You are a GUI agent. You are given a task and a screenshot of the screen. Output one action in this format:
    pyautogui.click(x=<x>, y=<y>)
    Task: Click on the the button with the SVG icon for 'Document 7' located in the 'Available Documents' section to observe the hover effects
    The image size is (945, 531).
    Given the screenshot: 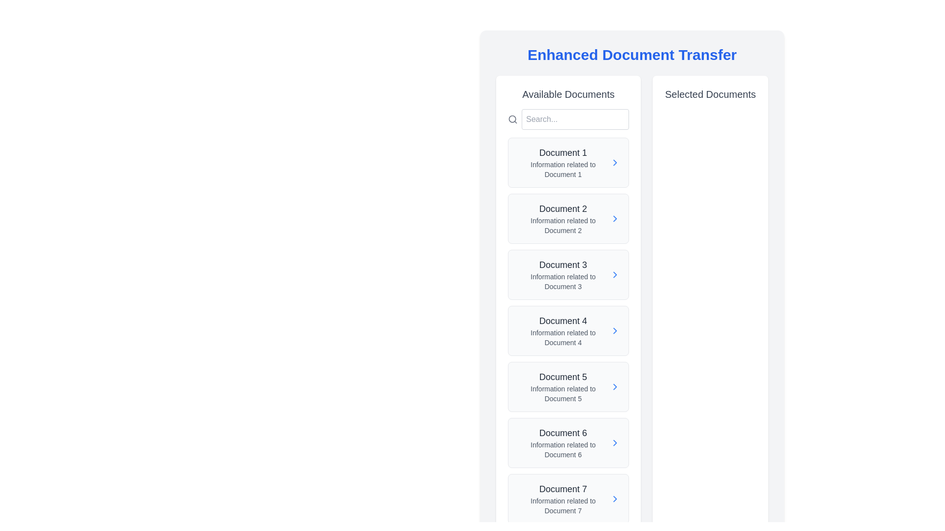 What is the action you would take?
    pyautogui.click(x=615, y=499)
    